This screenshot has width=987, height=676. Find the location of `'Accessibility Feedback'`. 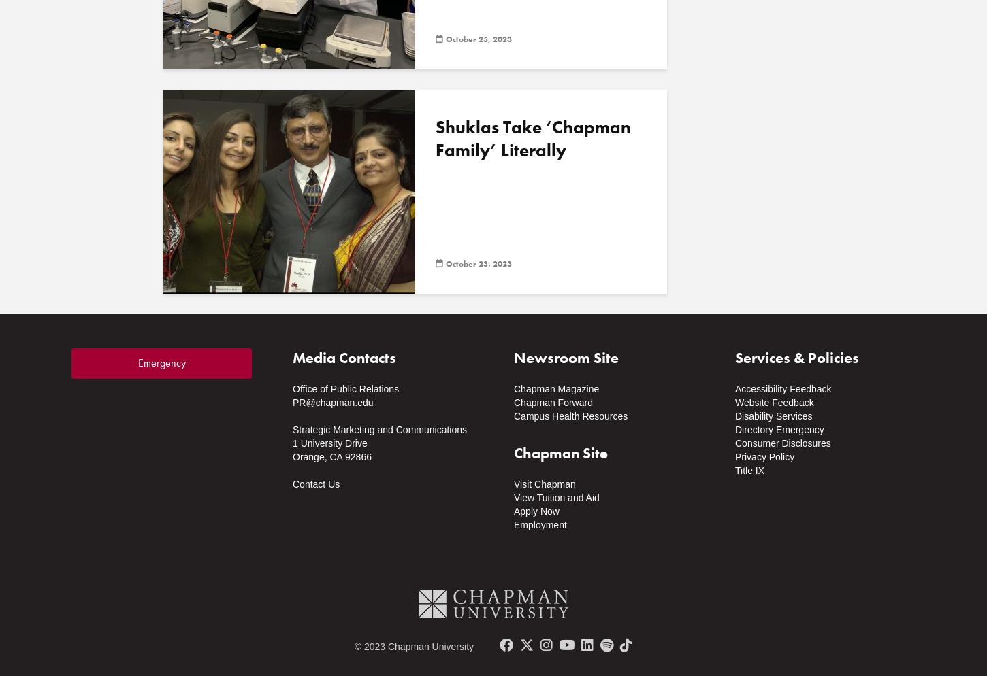

'Accessibility Feedback' is located at coordinates (782, 389).